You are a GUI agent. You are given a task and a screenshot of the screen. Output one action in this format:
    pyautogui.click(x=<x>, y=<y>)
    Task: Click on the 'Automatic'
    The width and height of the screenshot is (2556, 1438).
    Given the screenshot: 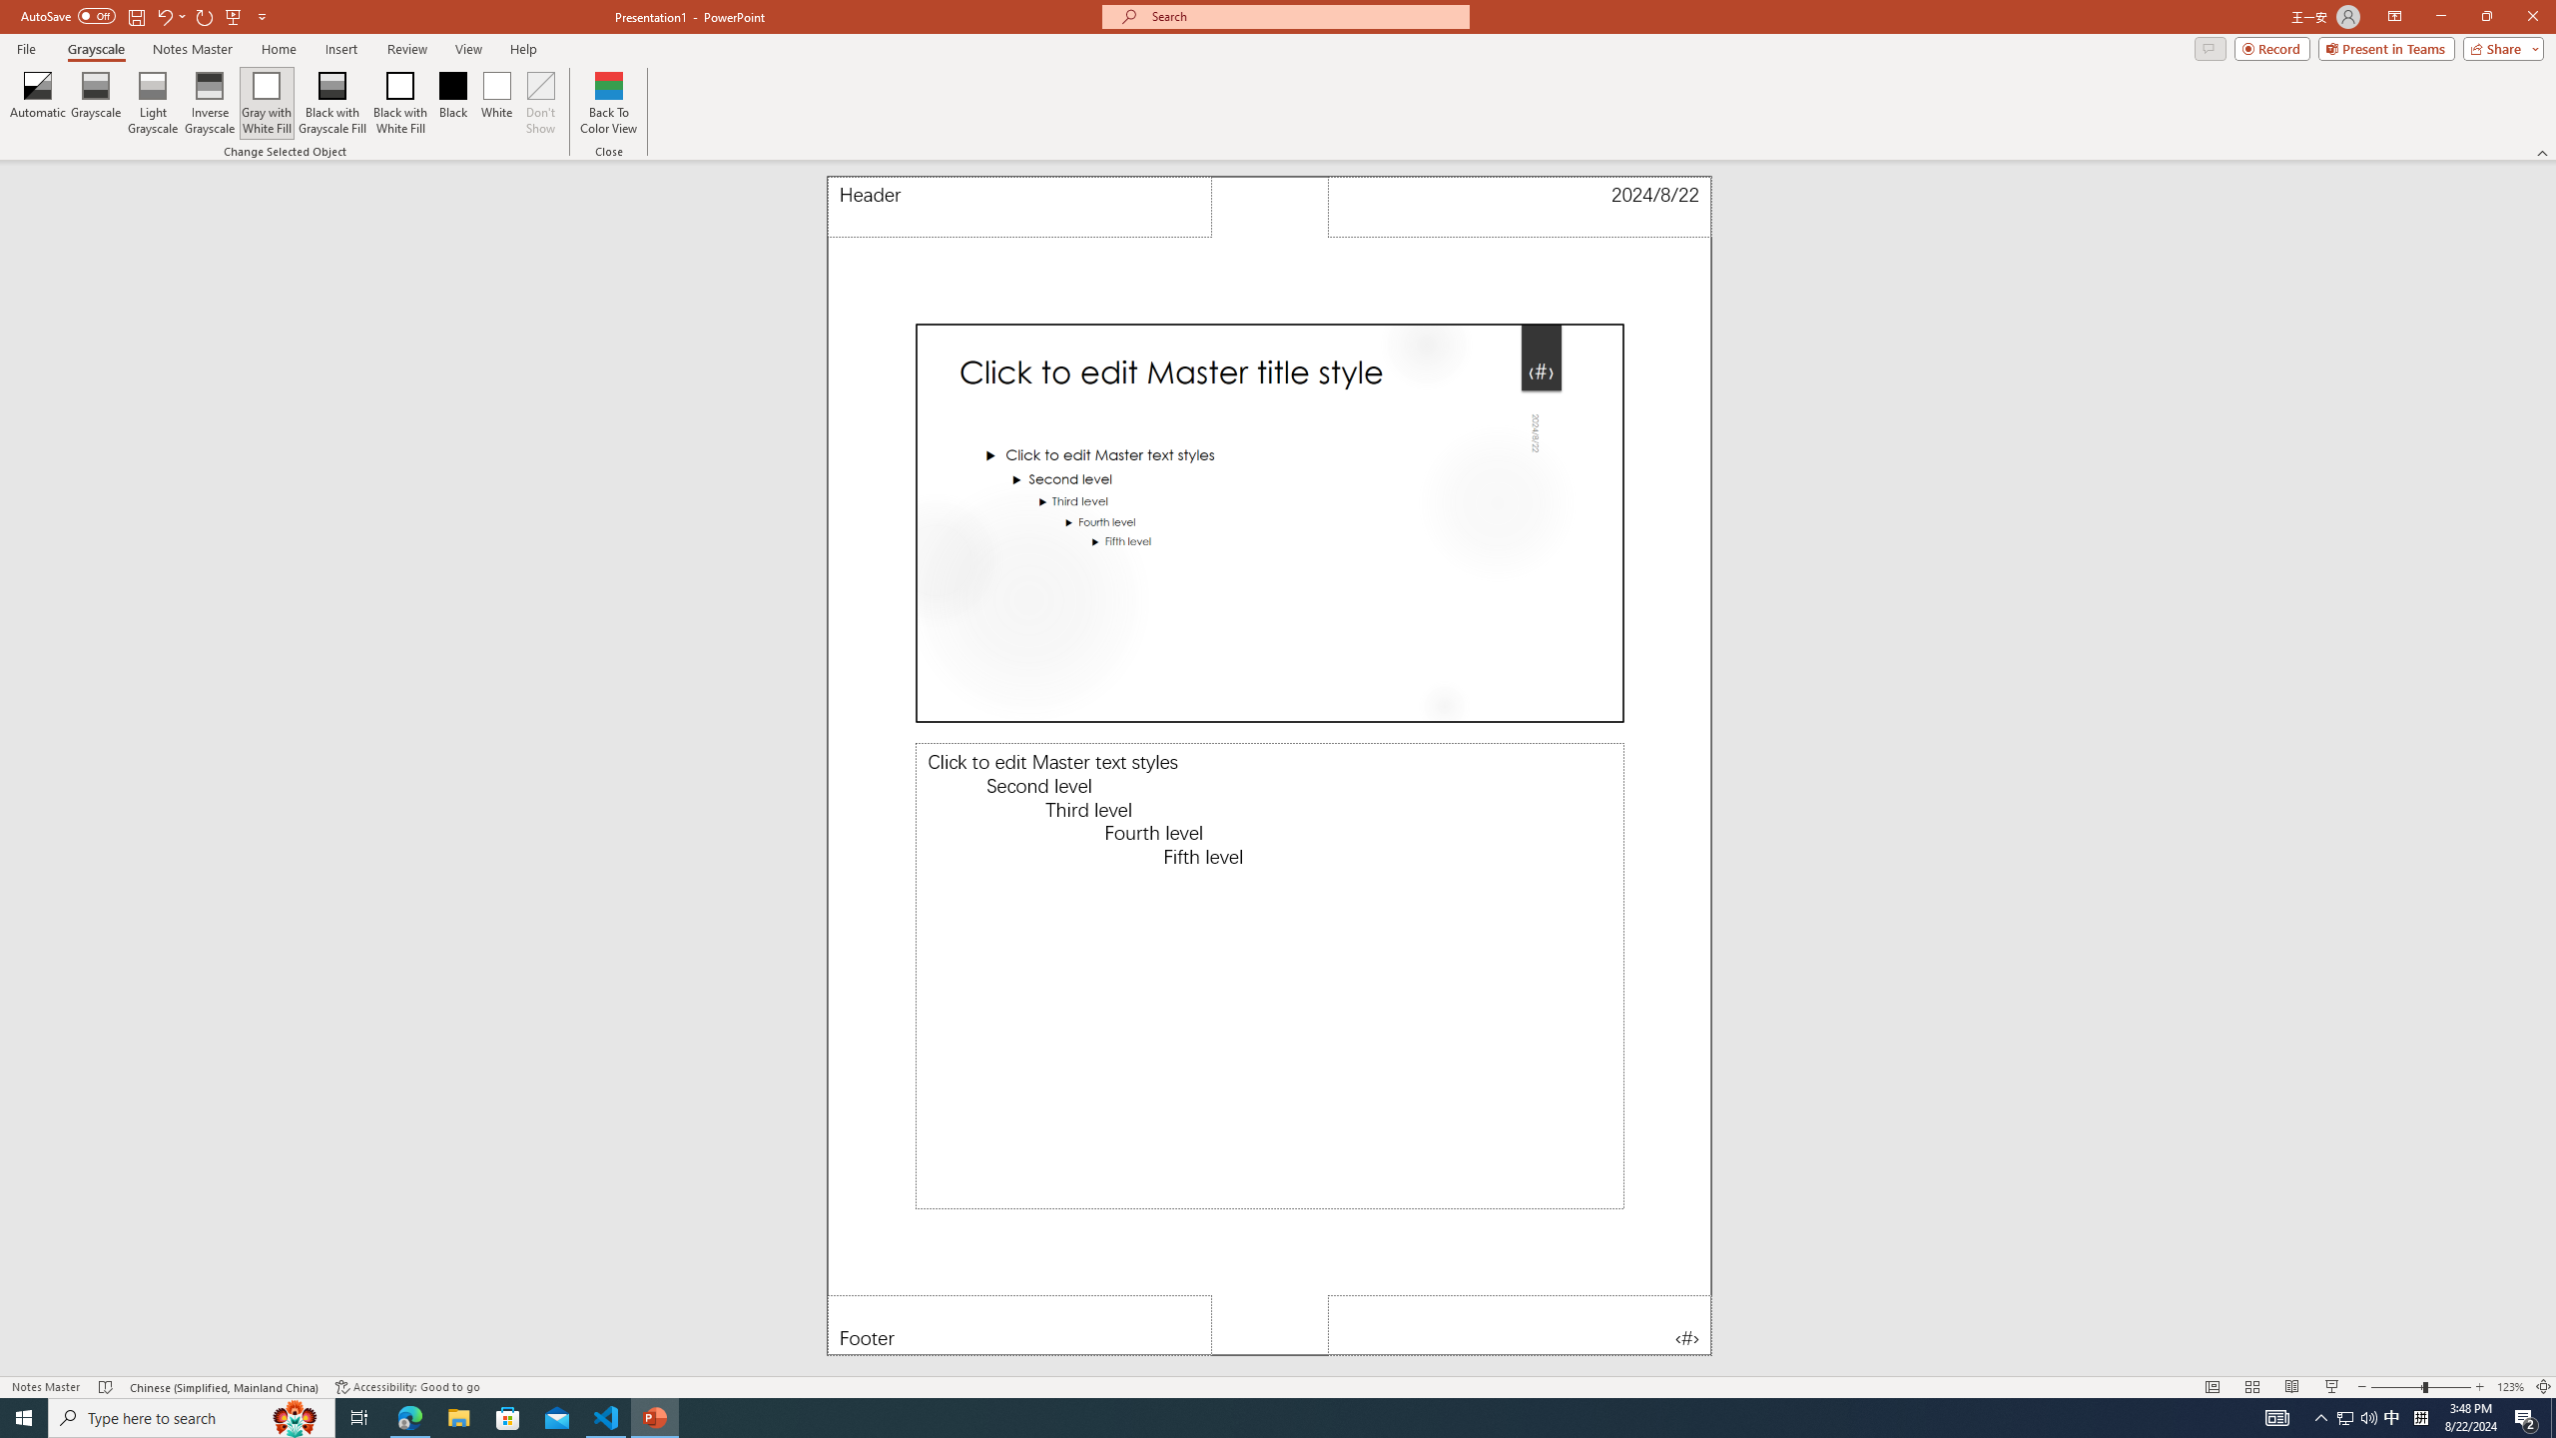 What is the action you would take?
    pyautogui.click(x=37, y=103)
    